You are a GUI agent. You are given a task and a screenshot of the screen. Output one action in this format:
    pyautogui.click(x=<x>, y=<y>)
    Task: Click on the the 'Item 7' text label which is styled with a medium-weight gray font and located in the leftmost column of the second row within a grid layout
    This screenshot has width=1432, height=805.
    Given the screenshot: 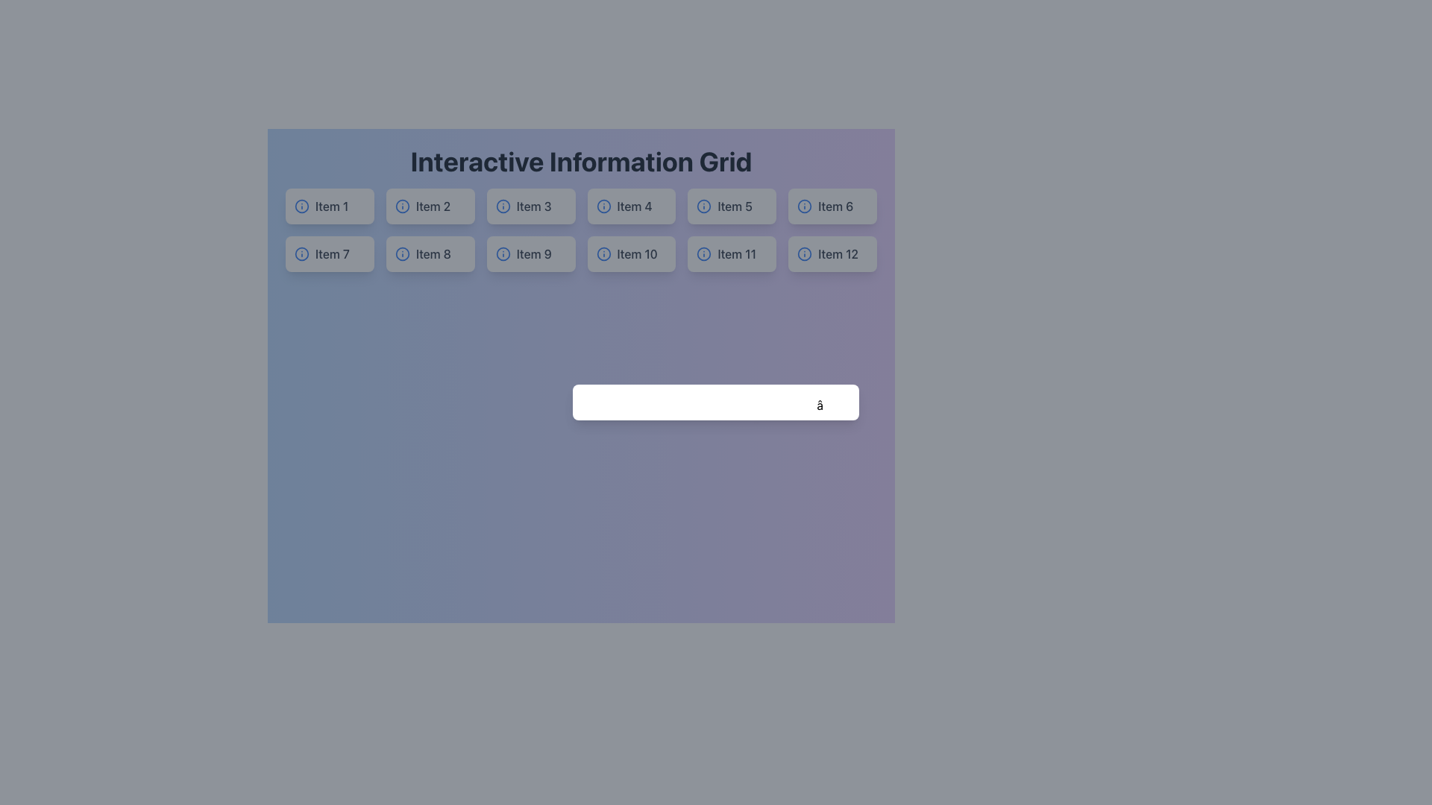 What is the action you would take?
    pyautogui.click(x=332, y=253)
    